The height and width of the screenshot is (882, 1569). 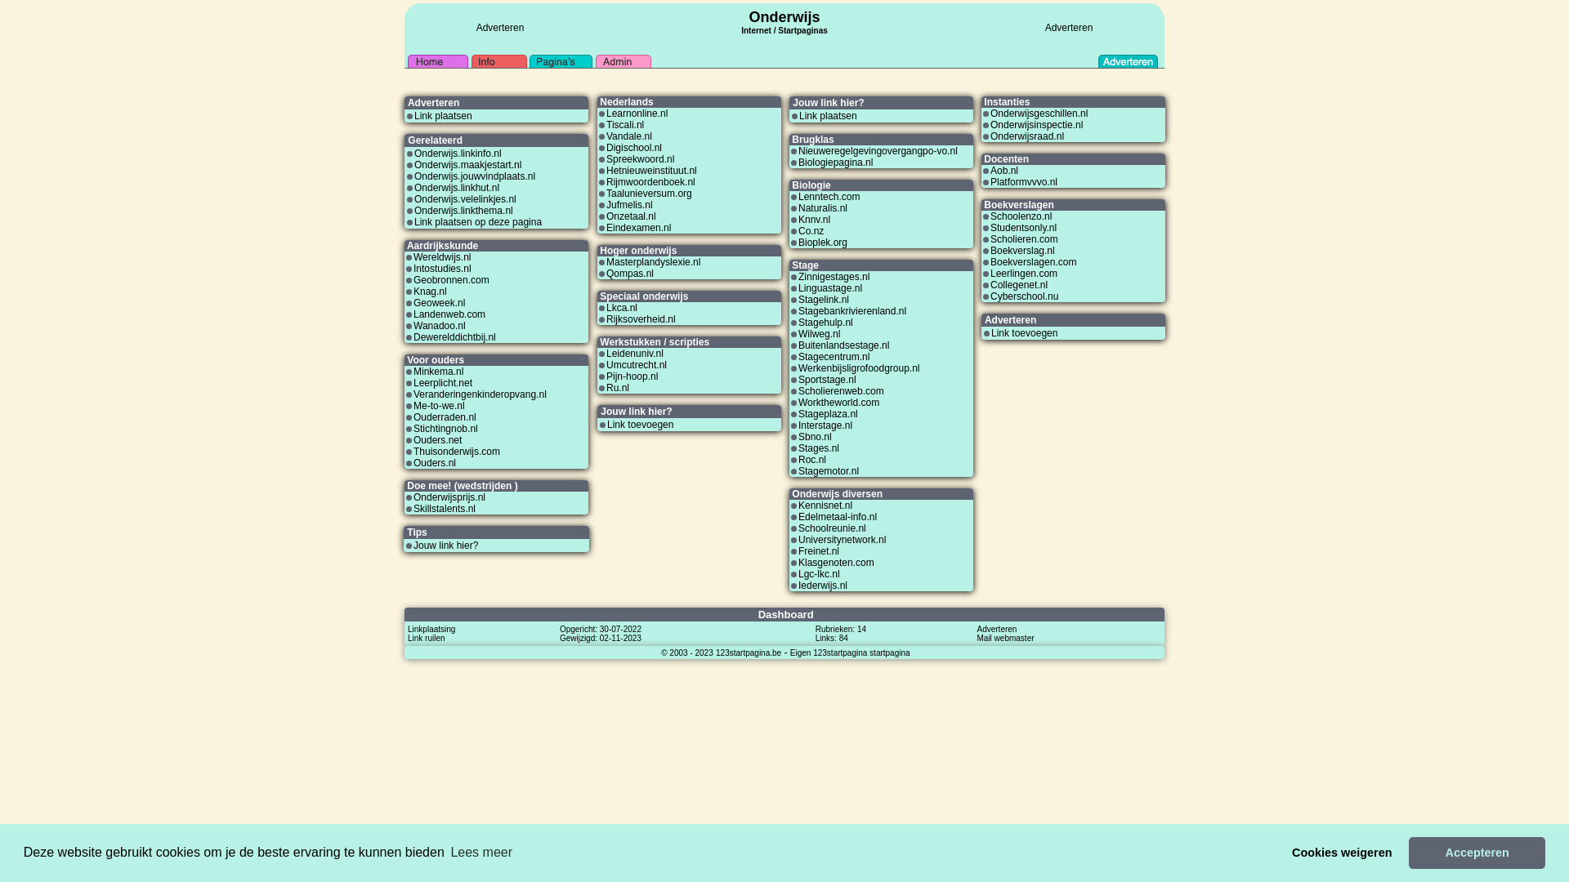 I want to click on 'Link ruilen', so click(x=427, y=636).